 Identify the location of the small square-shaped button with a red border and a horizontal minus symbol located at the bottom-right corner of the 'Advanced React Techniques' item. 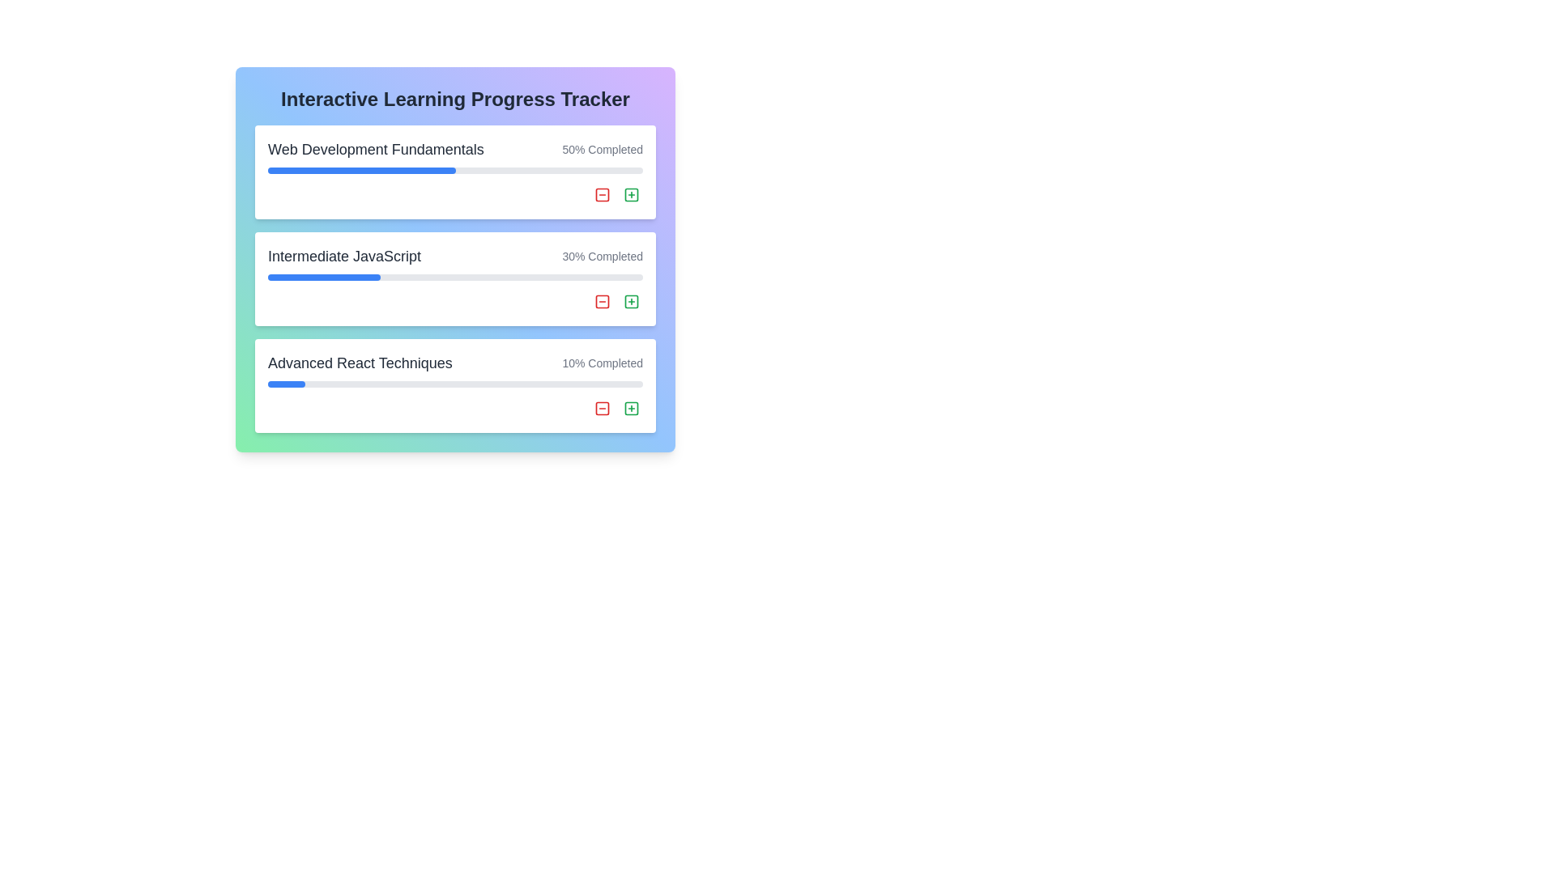
(602, 408).